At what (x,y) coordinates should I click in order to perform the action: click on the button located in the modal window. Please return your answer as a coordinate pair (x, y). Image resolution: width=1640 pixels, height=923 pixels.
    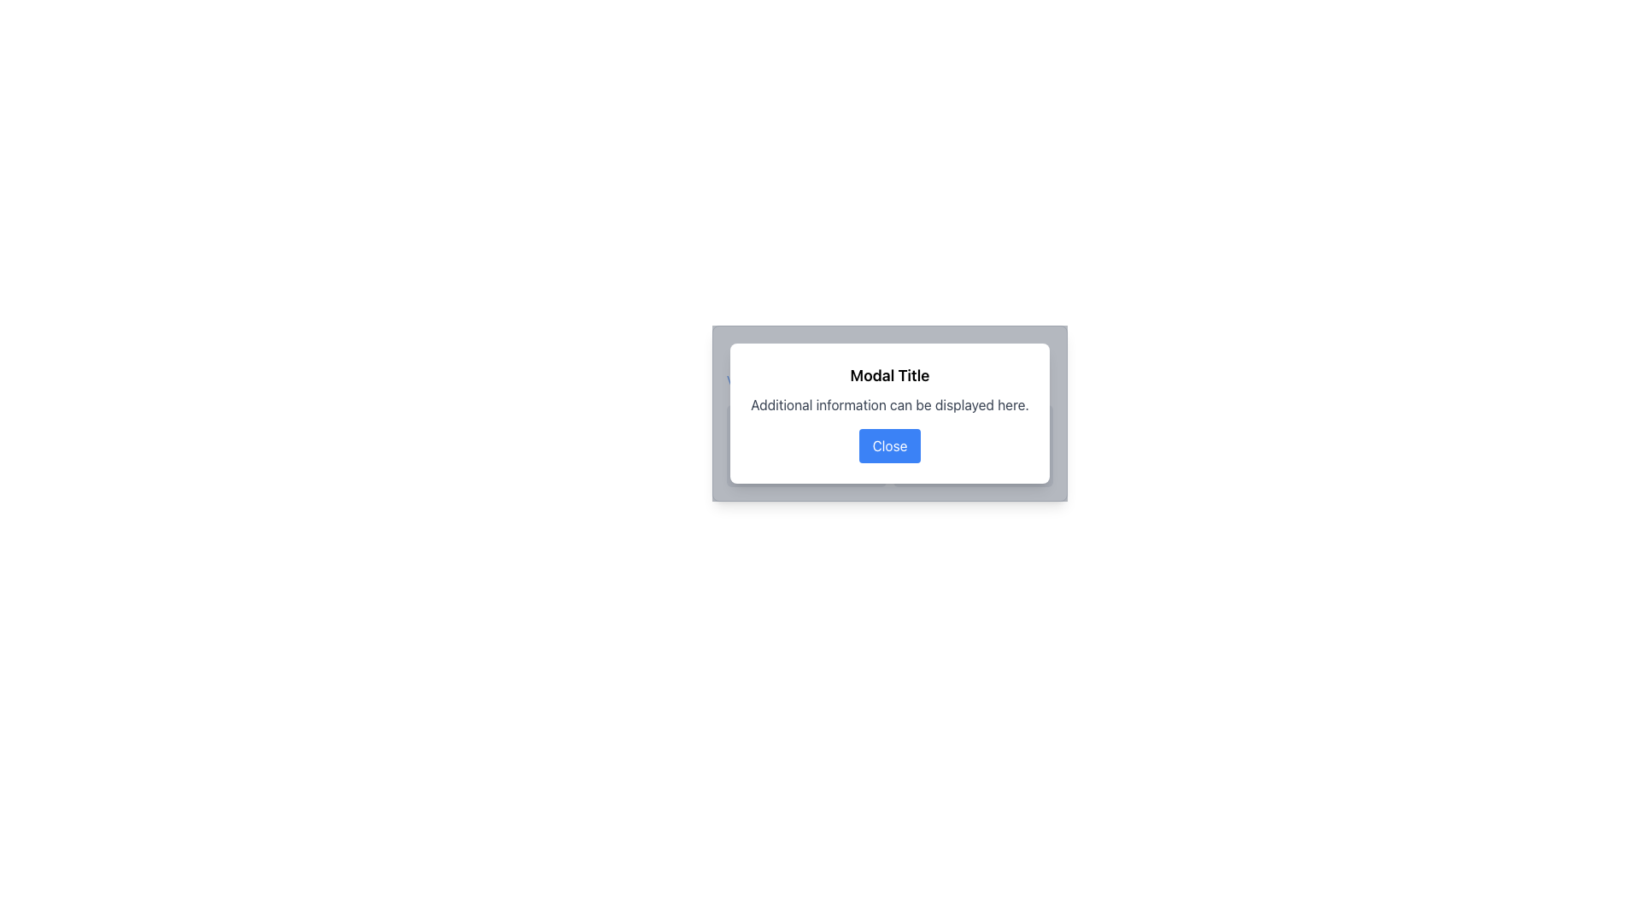
    Looking at the image, I should click on (888, 444).